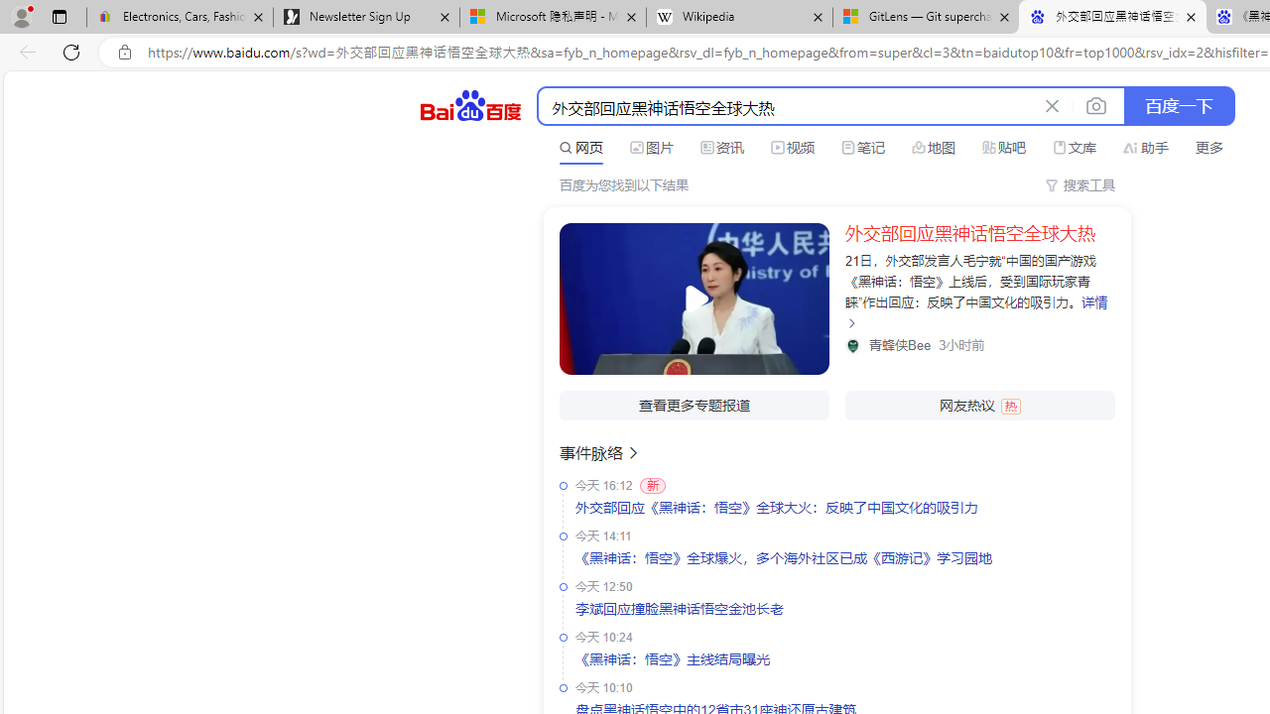  I want to click on 'Wikipedia', so click(737, 17).